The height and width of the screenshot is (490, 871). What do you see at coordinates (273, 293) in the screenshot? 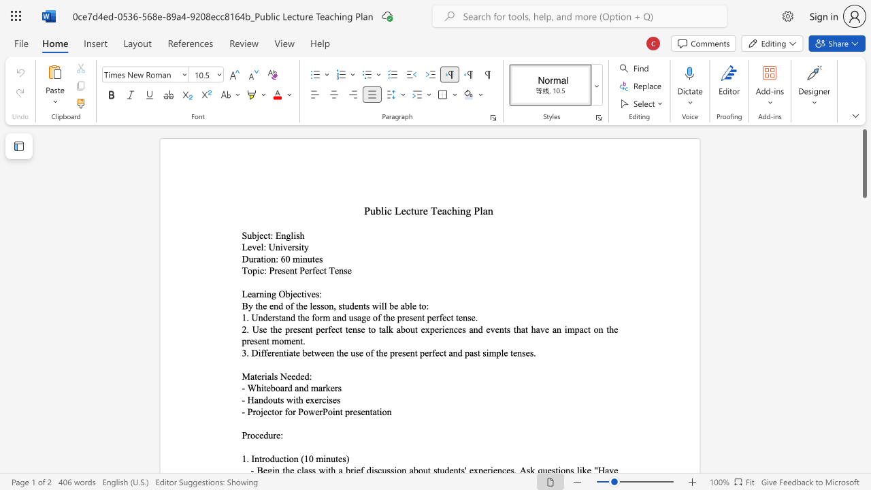
I see `the 1th character "g" in the text` at bounding box center [273, 293].